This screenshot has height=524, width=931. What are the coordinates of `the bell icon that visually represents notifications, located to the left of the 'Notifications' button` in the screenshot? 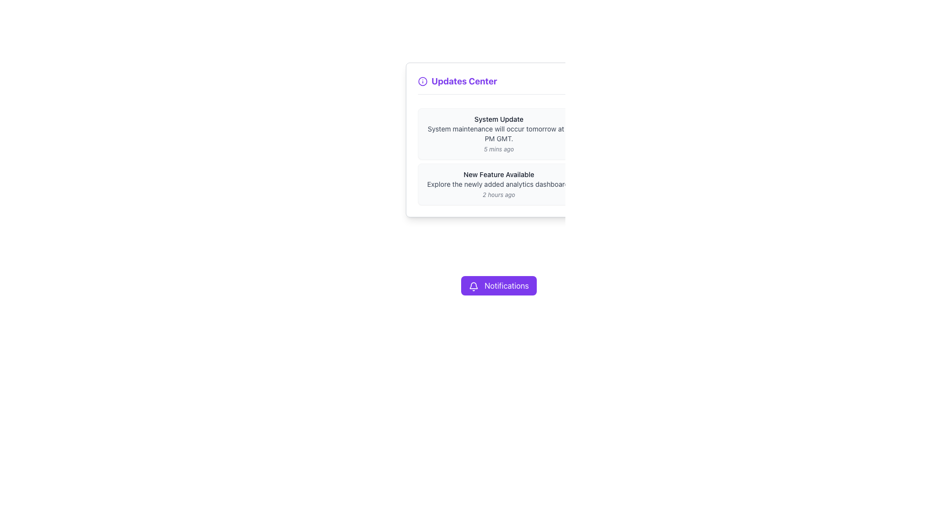 It's located at (474, 286).